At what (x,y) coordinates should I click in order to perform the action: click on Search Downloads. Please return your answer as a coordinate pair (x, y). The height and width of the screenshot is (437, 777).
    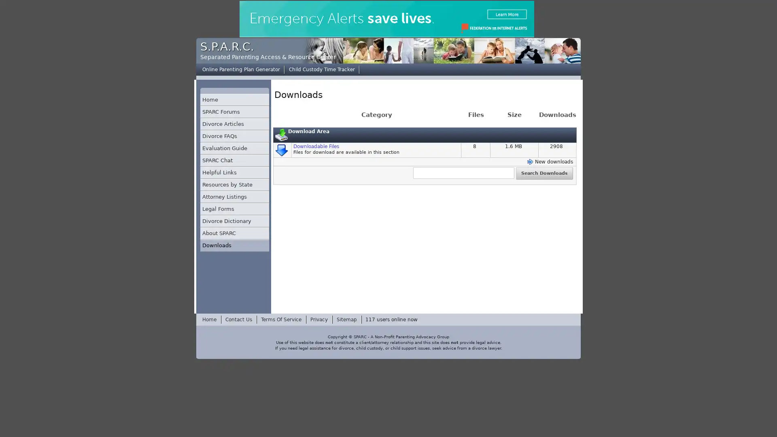
    Looking at the image, I should click on (544, 173).